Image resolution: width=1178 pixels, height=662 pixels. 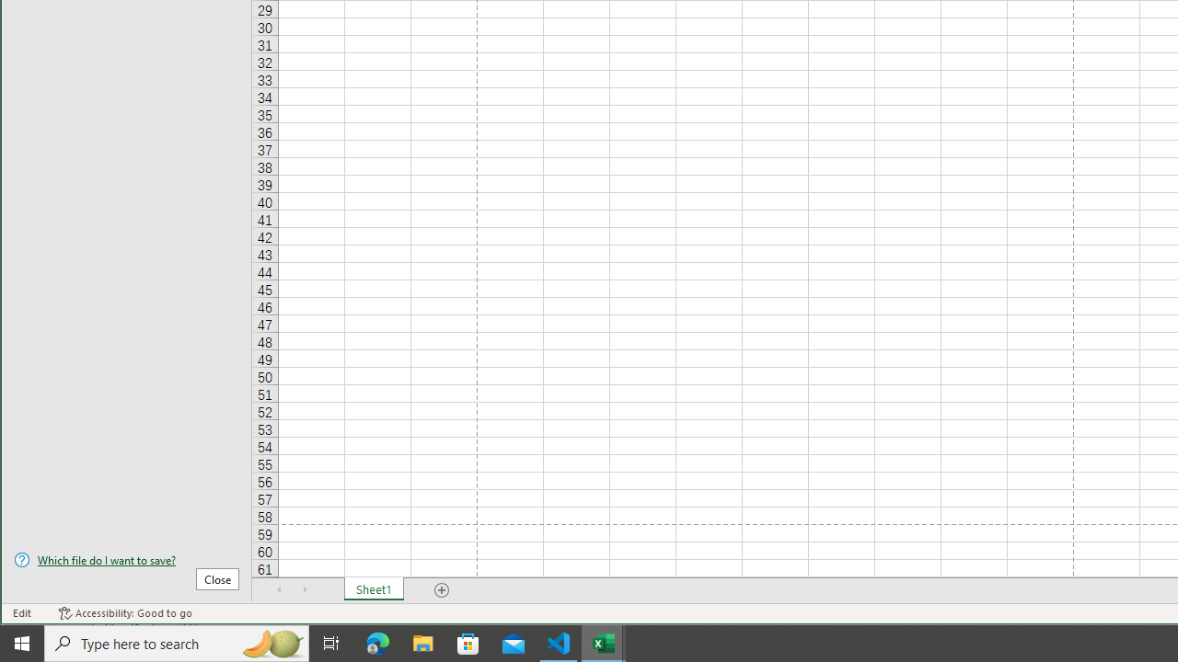 What do you see at coordinates (422, 642) in the screenshot?
I see `'File Explorer'` at bounding box center [422, 642].